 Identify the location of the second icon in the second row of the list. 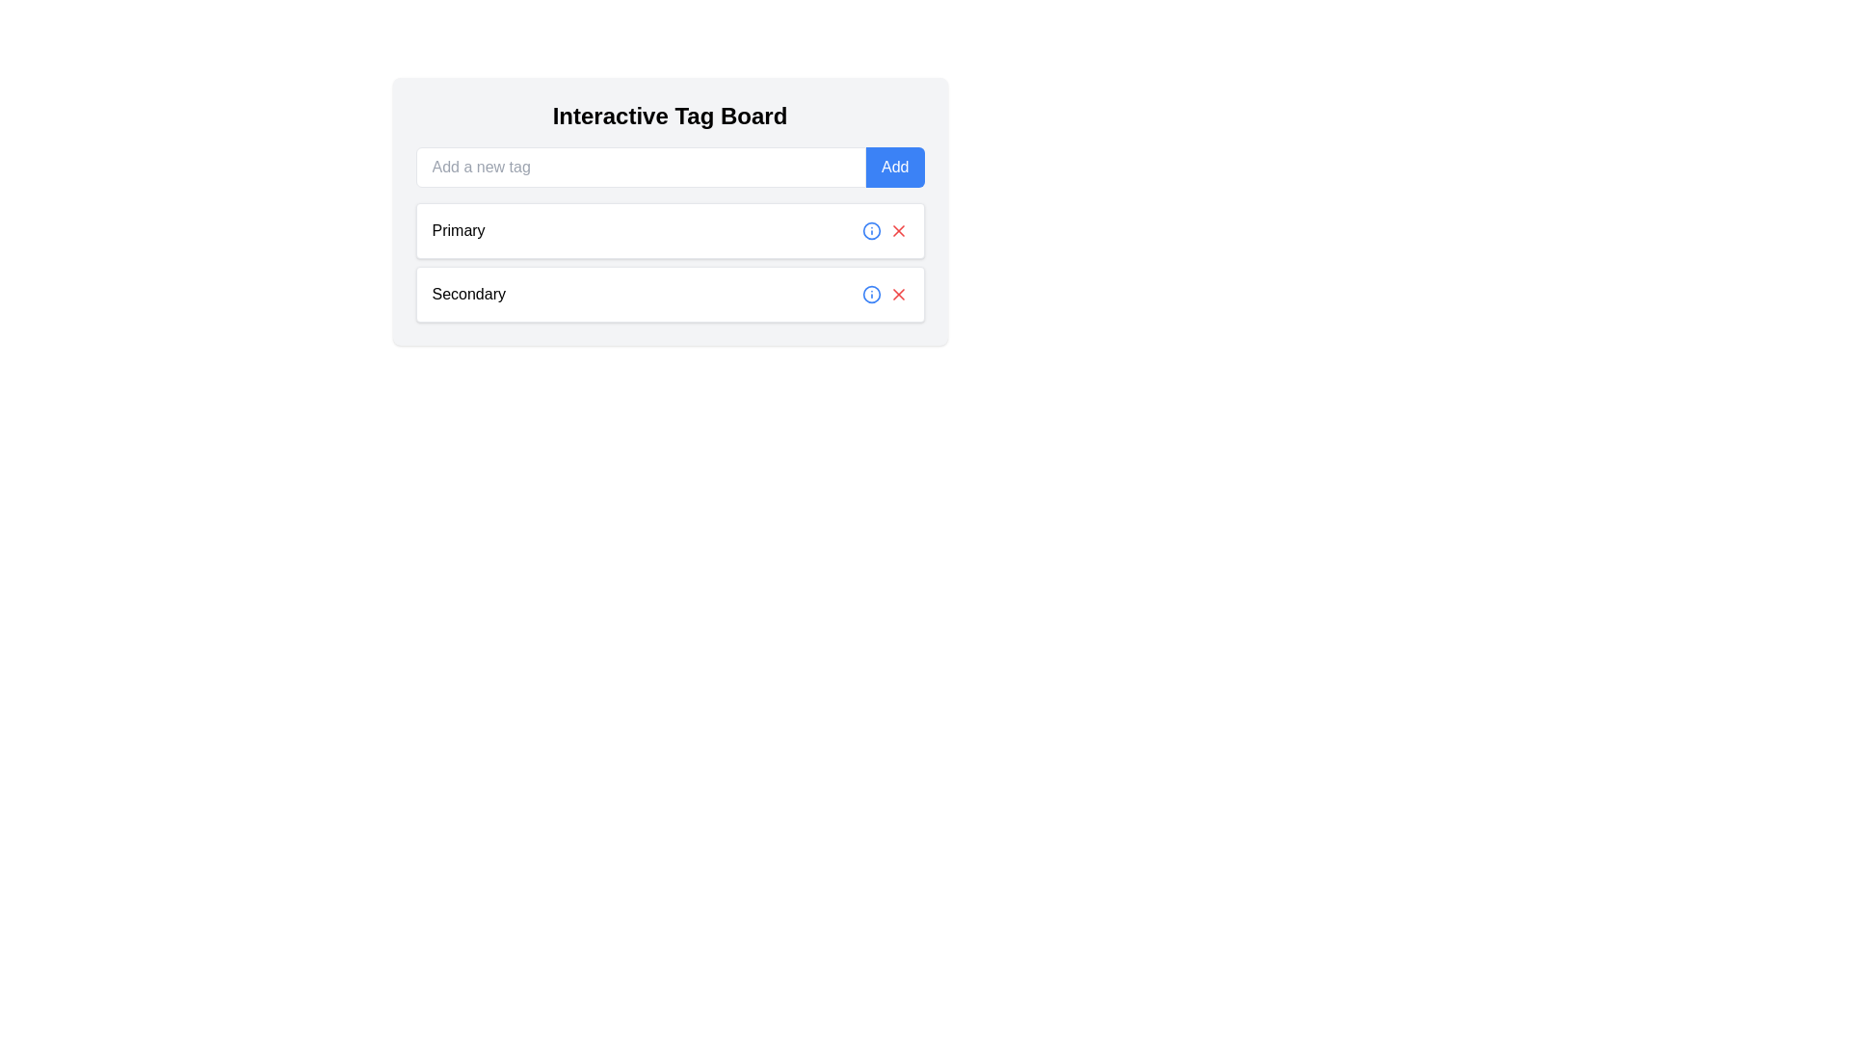
(870, 229).